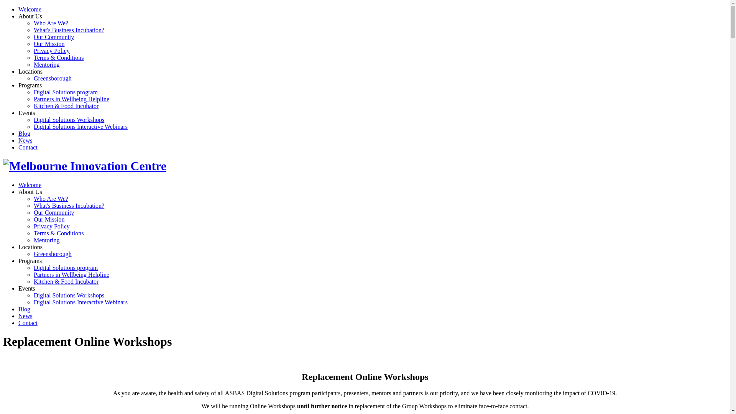 The image size is (736, 414). What do you see at coordinates (30, 191) in the screenshot?
I see `'About Us'` at bounding box center [30, 191].